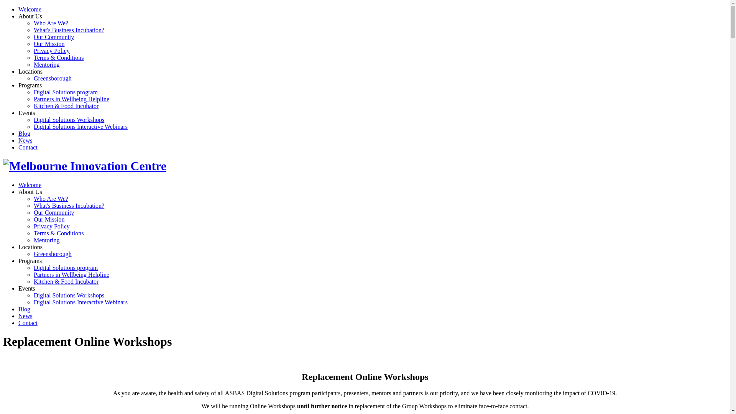 The image size is (736, 414). What do you see at coordinates (30, 191) in the screenshot?
I see `'About Us'` at bounding box center [30, 191].